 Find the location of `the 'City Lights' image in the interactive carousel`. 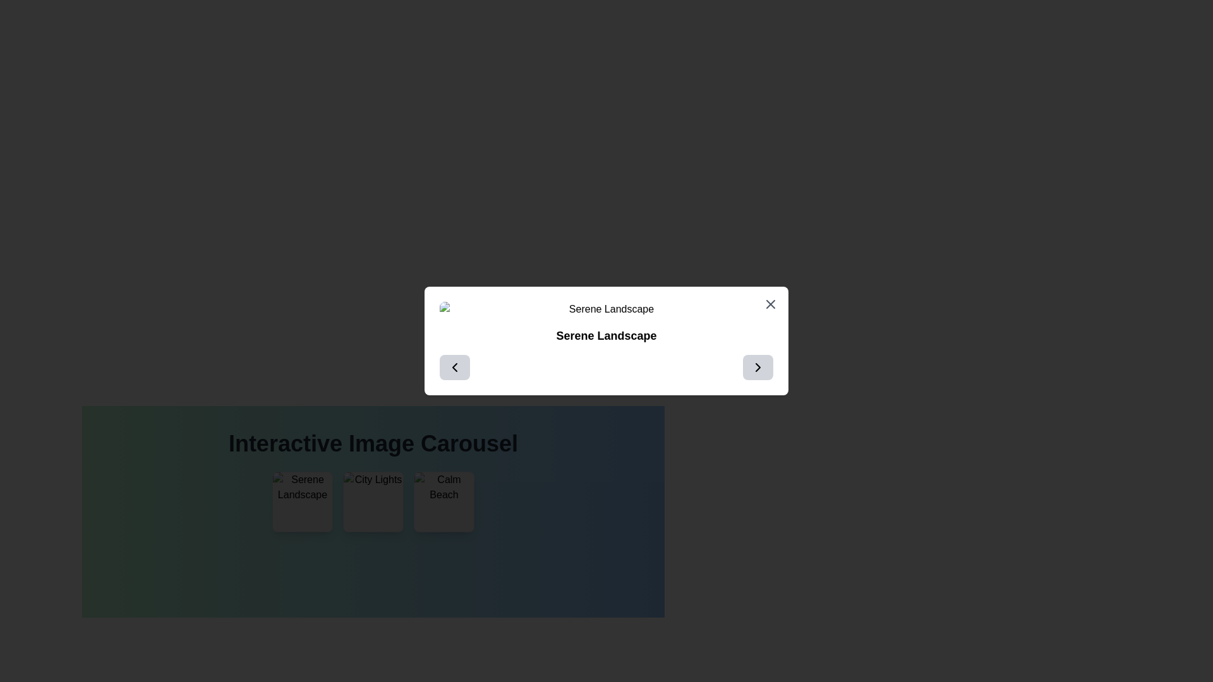

the 'City Lights' image in the interactive carousel is located at coordinates (372, 501).